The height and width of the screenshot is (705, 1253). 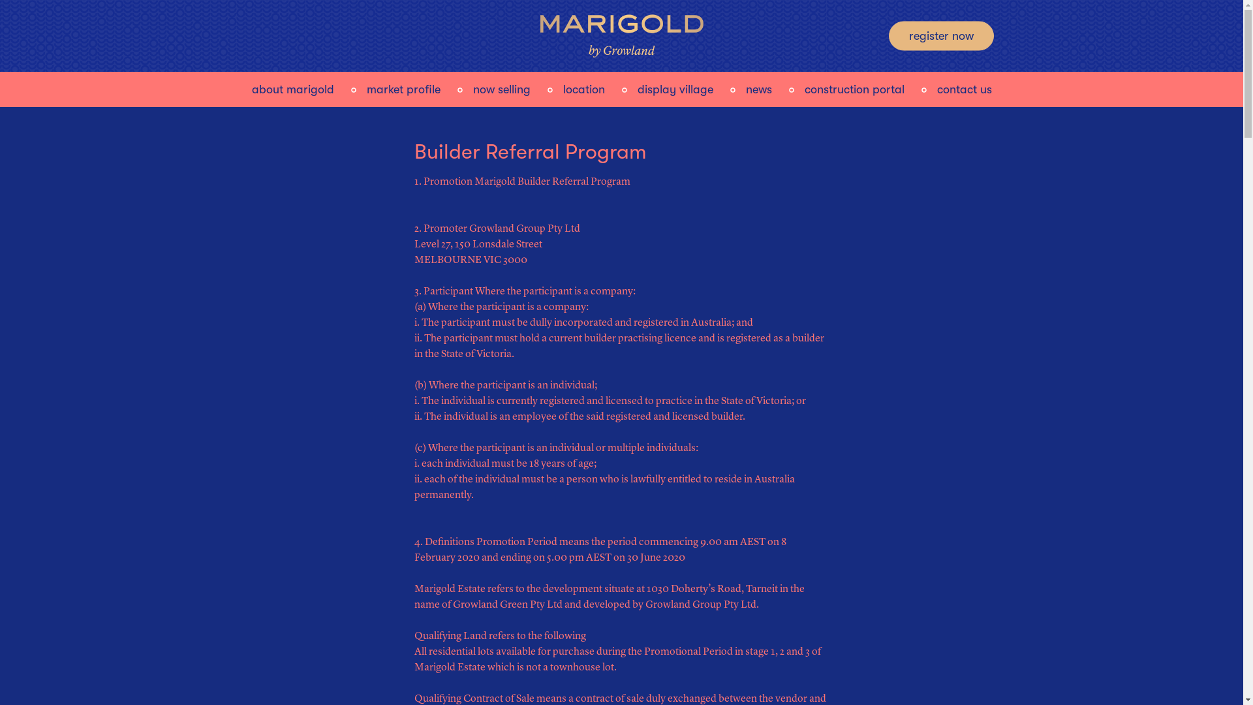 What do you see at coordinates (582, 87) in the screenshot?
I see `'location'` at bounding box center [582, 87].